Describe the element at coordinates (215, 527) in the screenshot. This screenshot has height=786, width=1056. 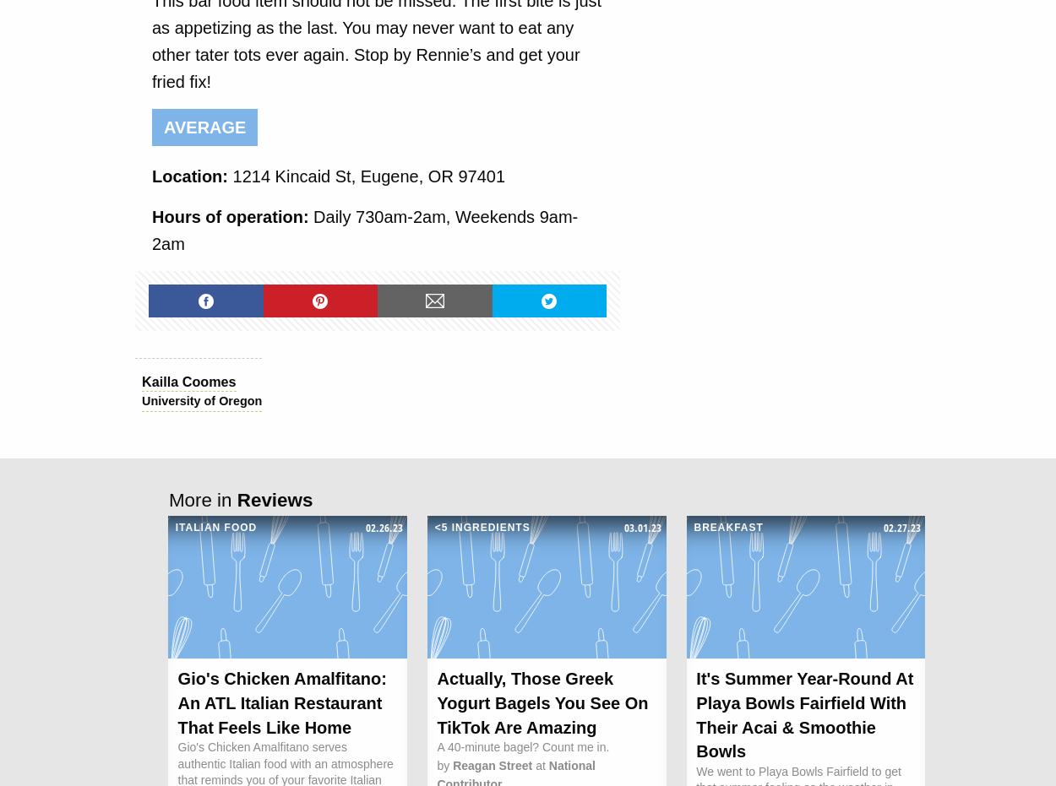
I see `'Italian Food'` at that location.